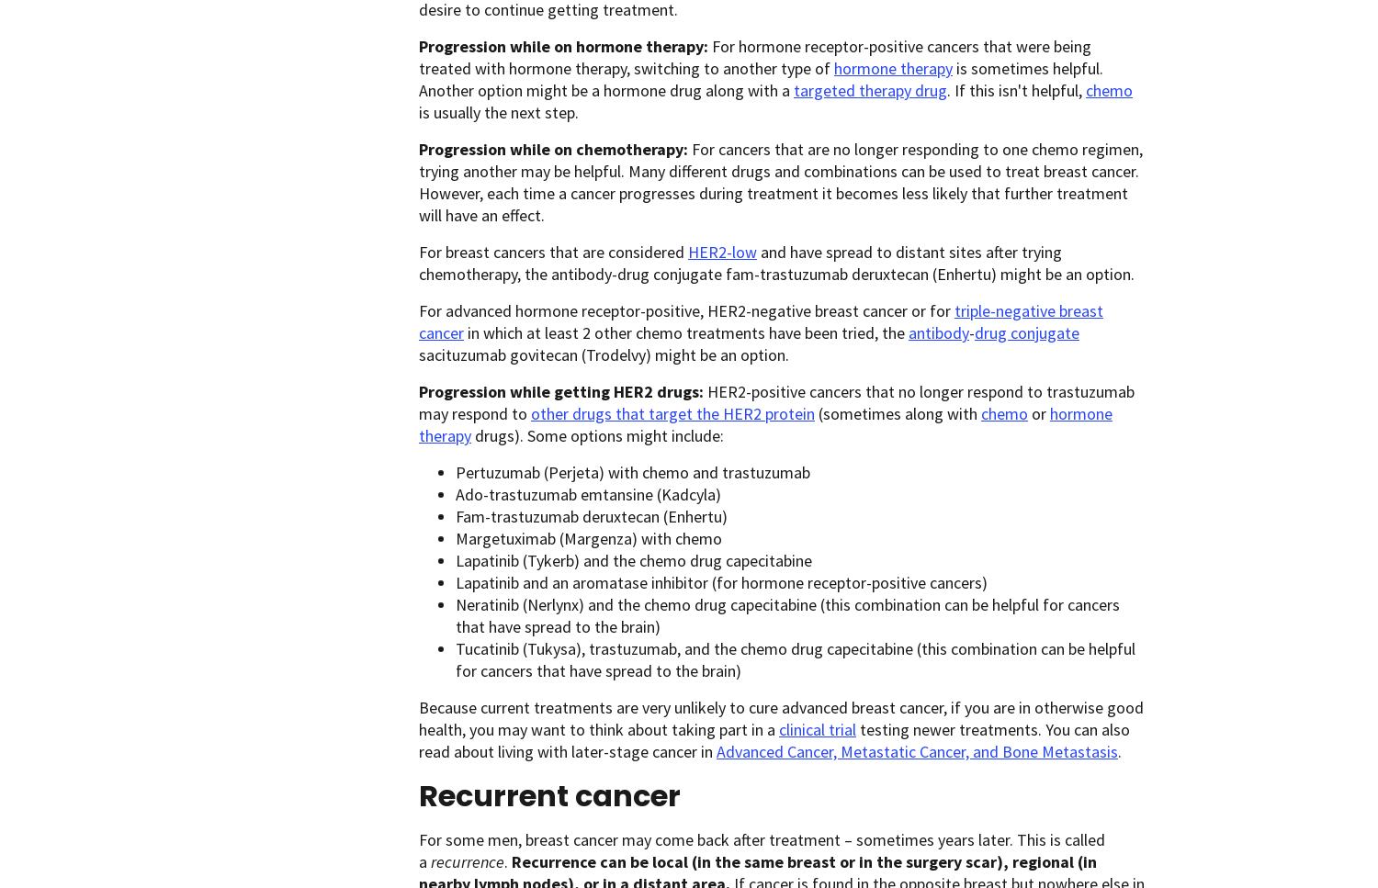  I want to click on 'Ado-trastuzumab emtansine (Kadcyla)', so click(455, 494).